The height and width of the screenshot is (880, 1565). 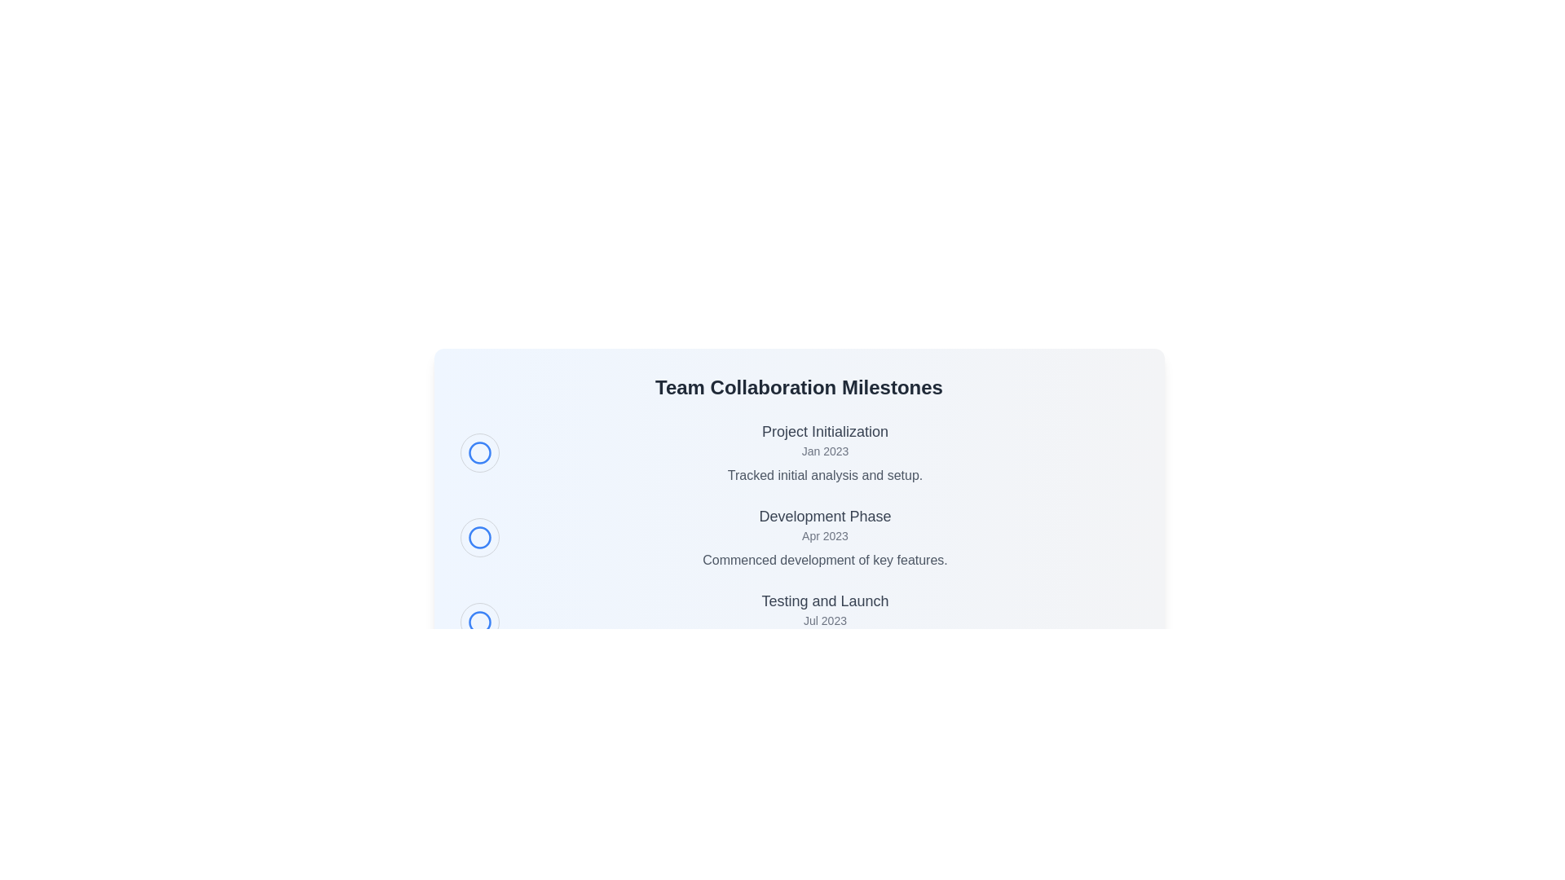 I want to click on the date indicator text label that represents the time associated with the 'Project Initialization' milestone, so click(x=825, y=451).